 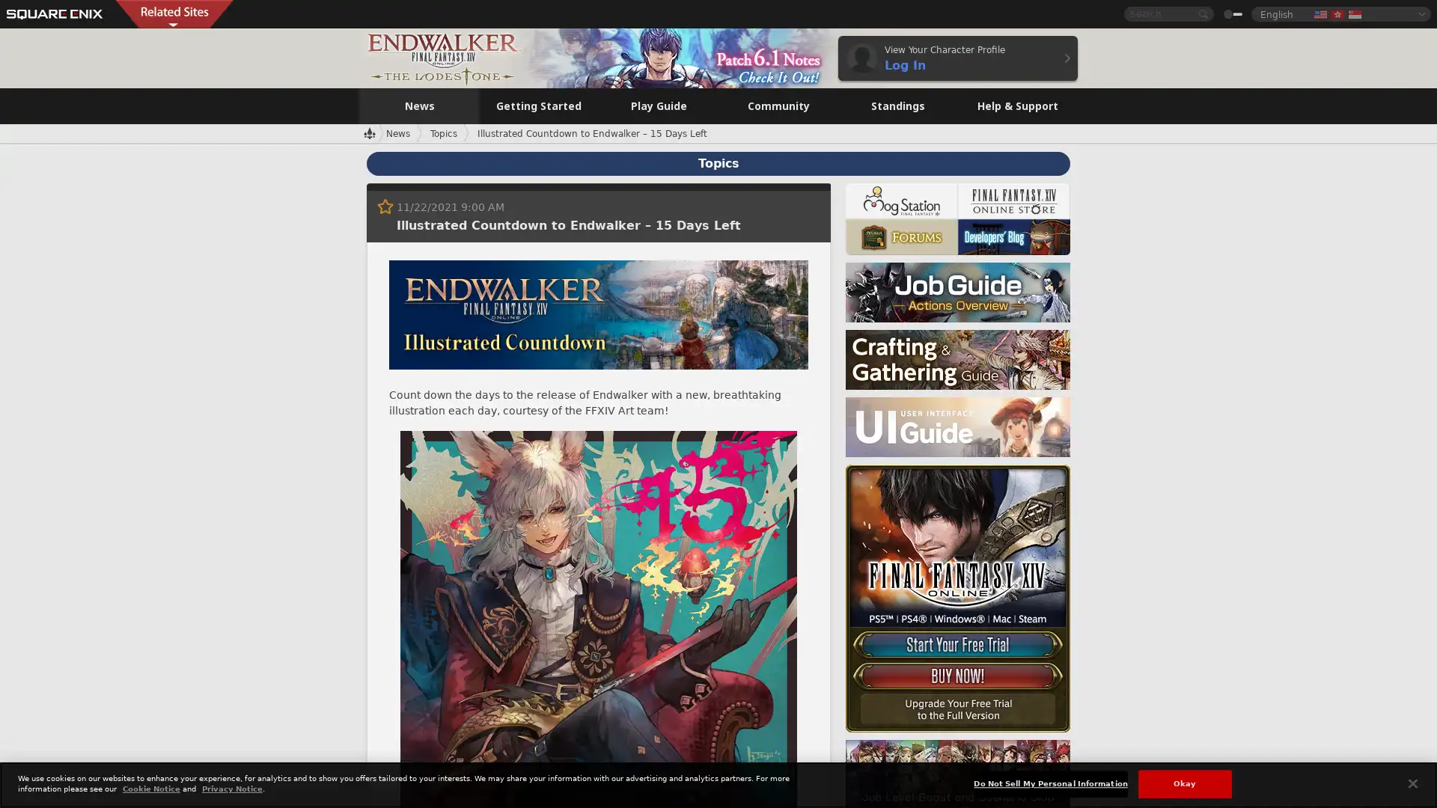 I want to click on Okay, so click(x=1183, y=783).